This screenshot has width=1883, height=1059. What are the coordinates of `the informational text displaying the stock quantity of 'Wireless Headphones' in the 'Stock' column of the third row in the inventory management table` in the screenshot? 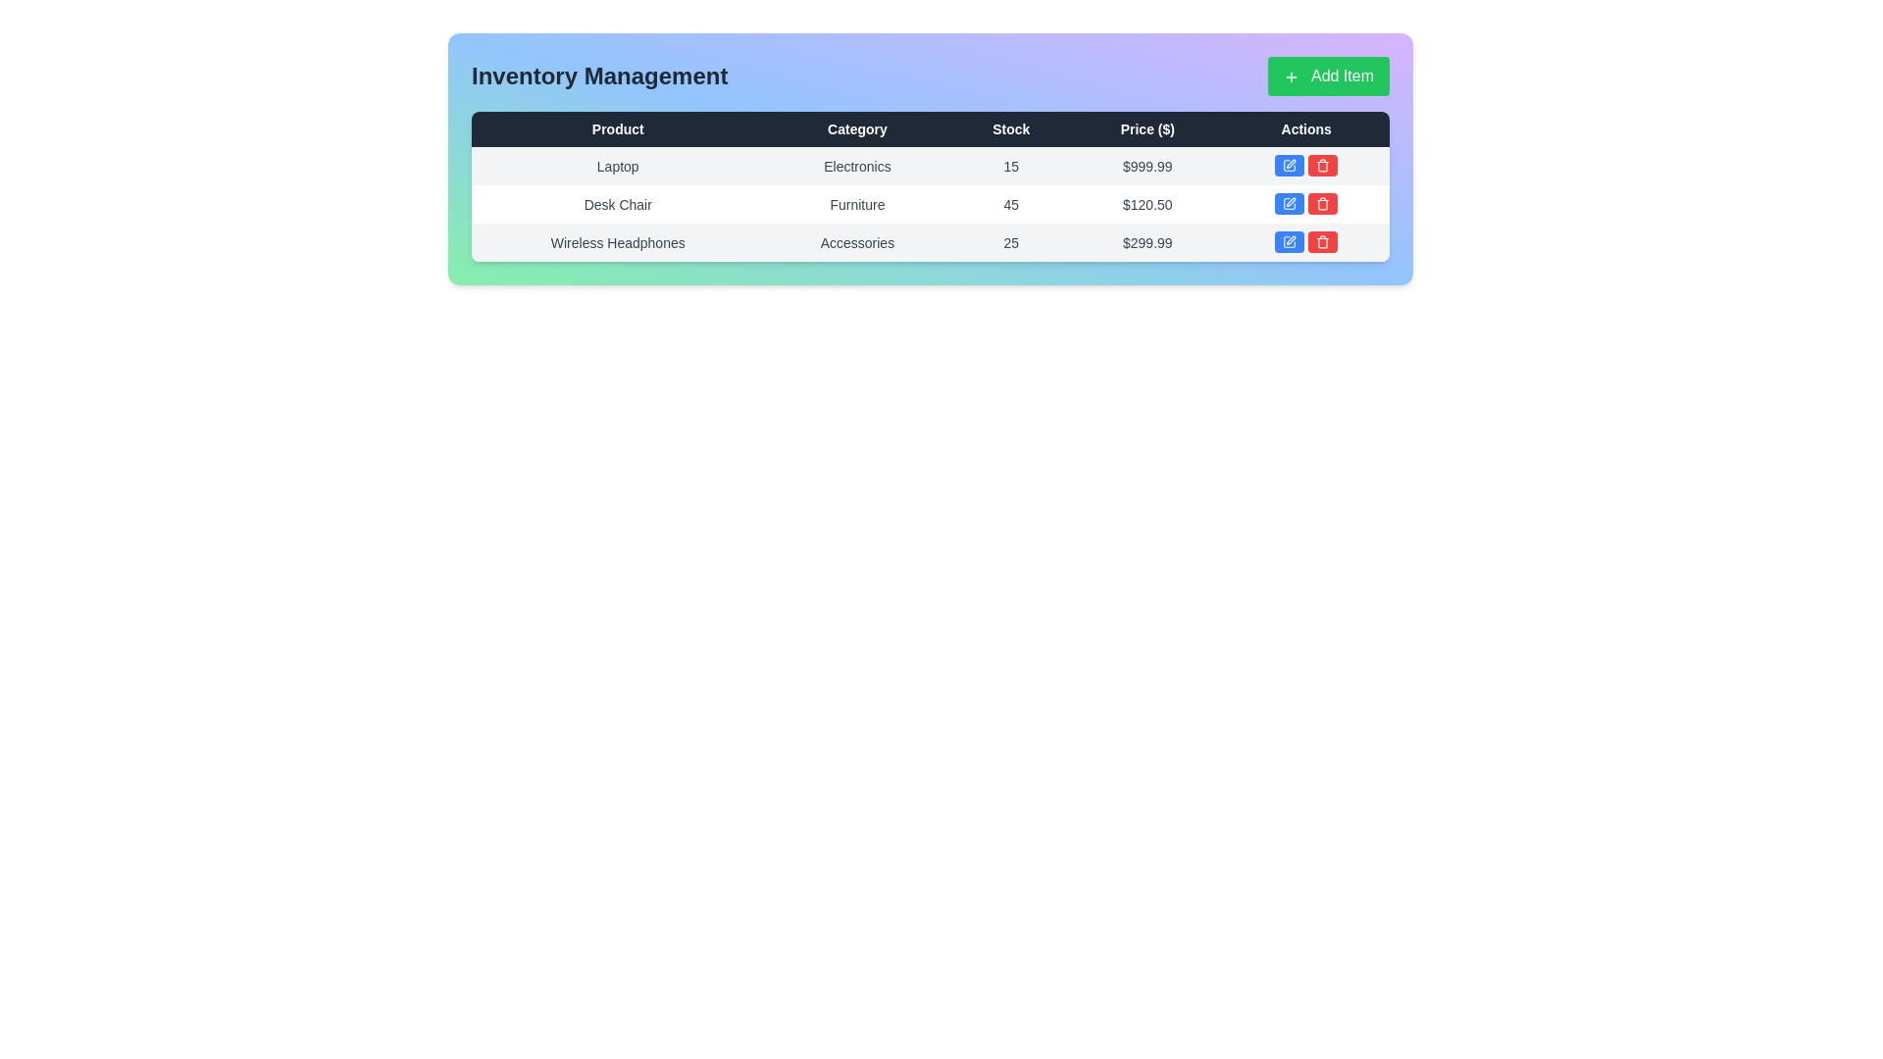 It's located at (1011, 241).